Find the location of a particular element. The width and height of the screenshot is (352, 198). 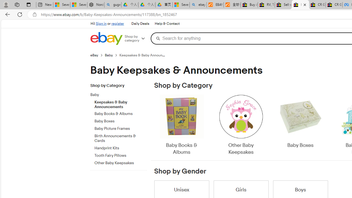

'Baby Boxes' is located at coordinates (300, 122).